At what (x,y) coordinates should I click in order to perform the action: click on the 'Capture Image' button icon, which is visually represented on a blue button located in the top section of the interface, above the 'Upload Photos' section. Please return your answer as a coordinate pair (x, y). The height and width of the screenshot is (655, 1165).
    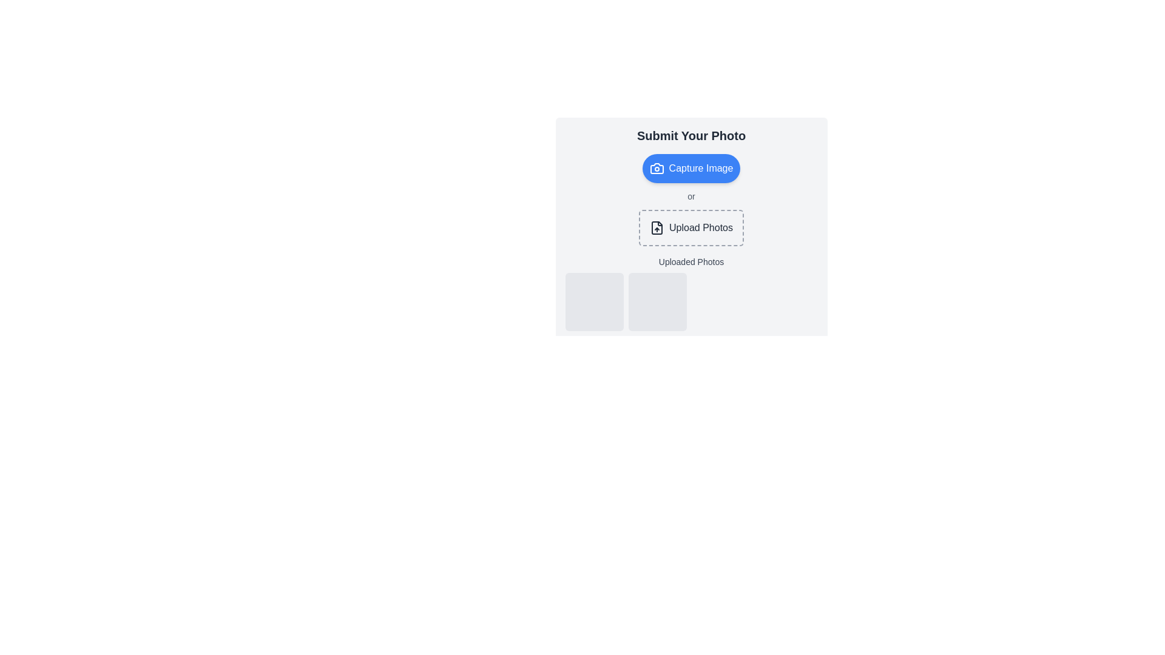
    Looking at the image, I should click on (656, 168).